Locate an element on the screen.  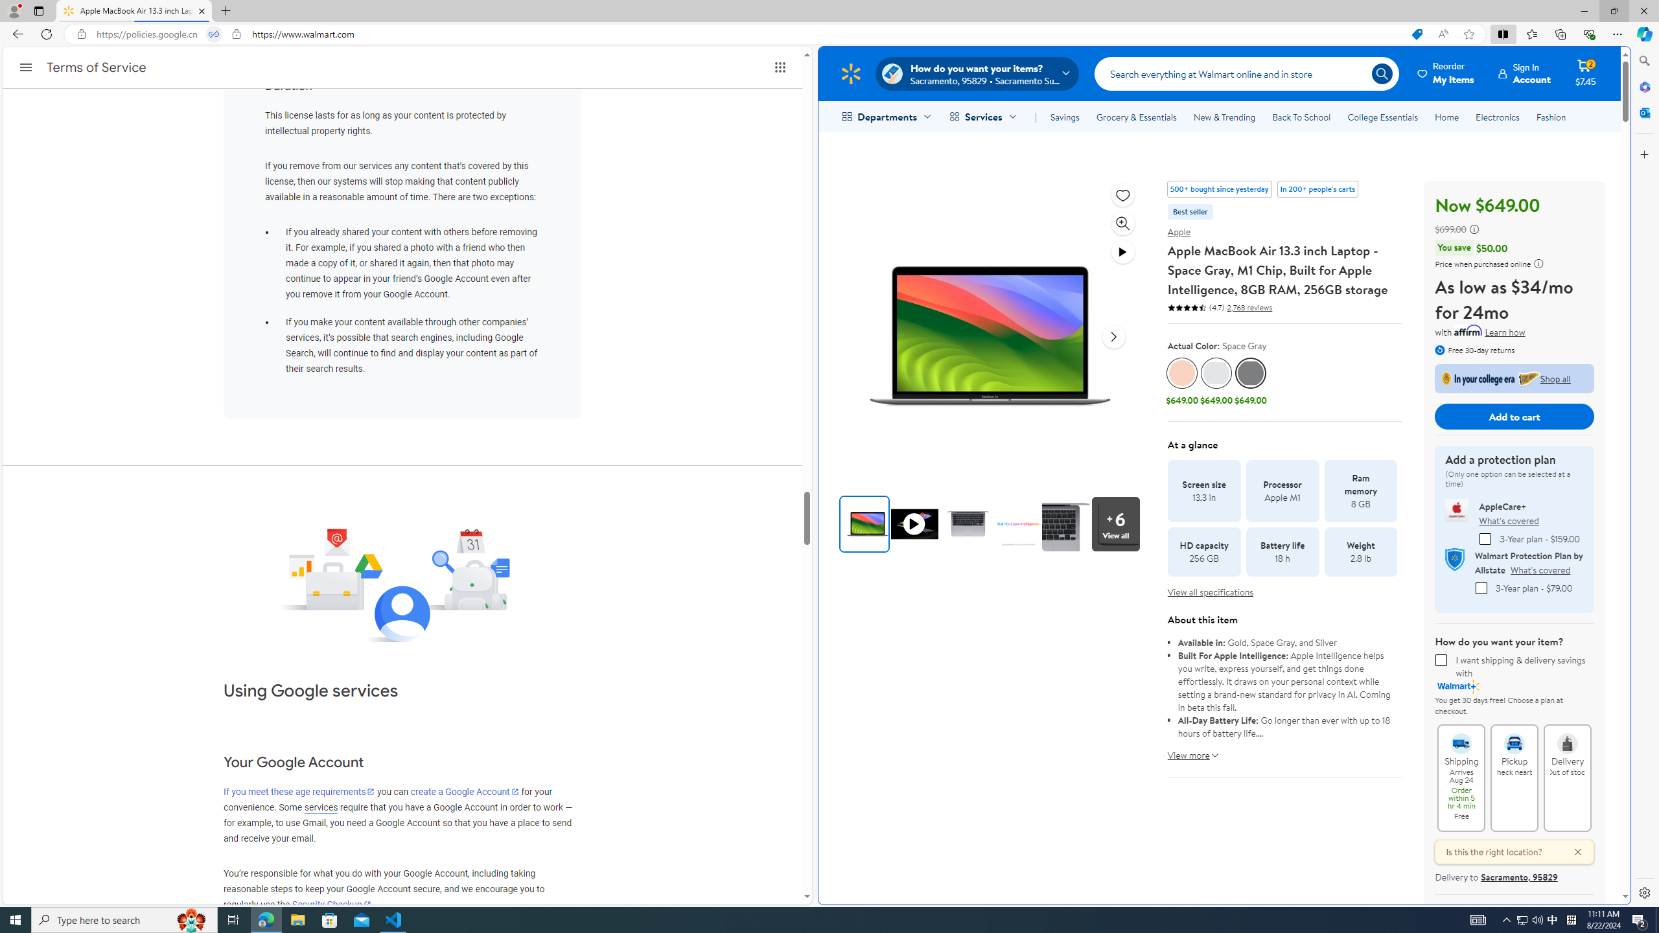
'Free 30-day returns' is located at coordinates (1474, 349).